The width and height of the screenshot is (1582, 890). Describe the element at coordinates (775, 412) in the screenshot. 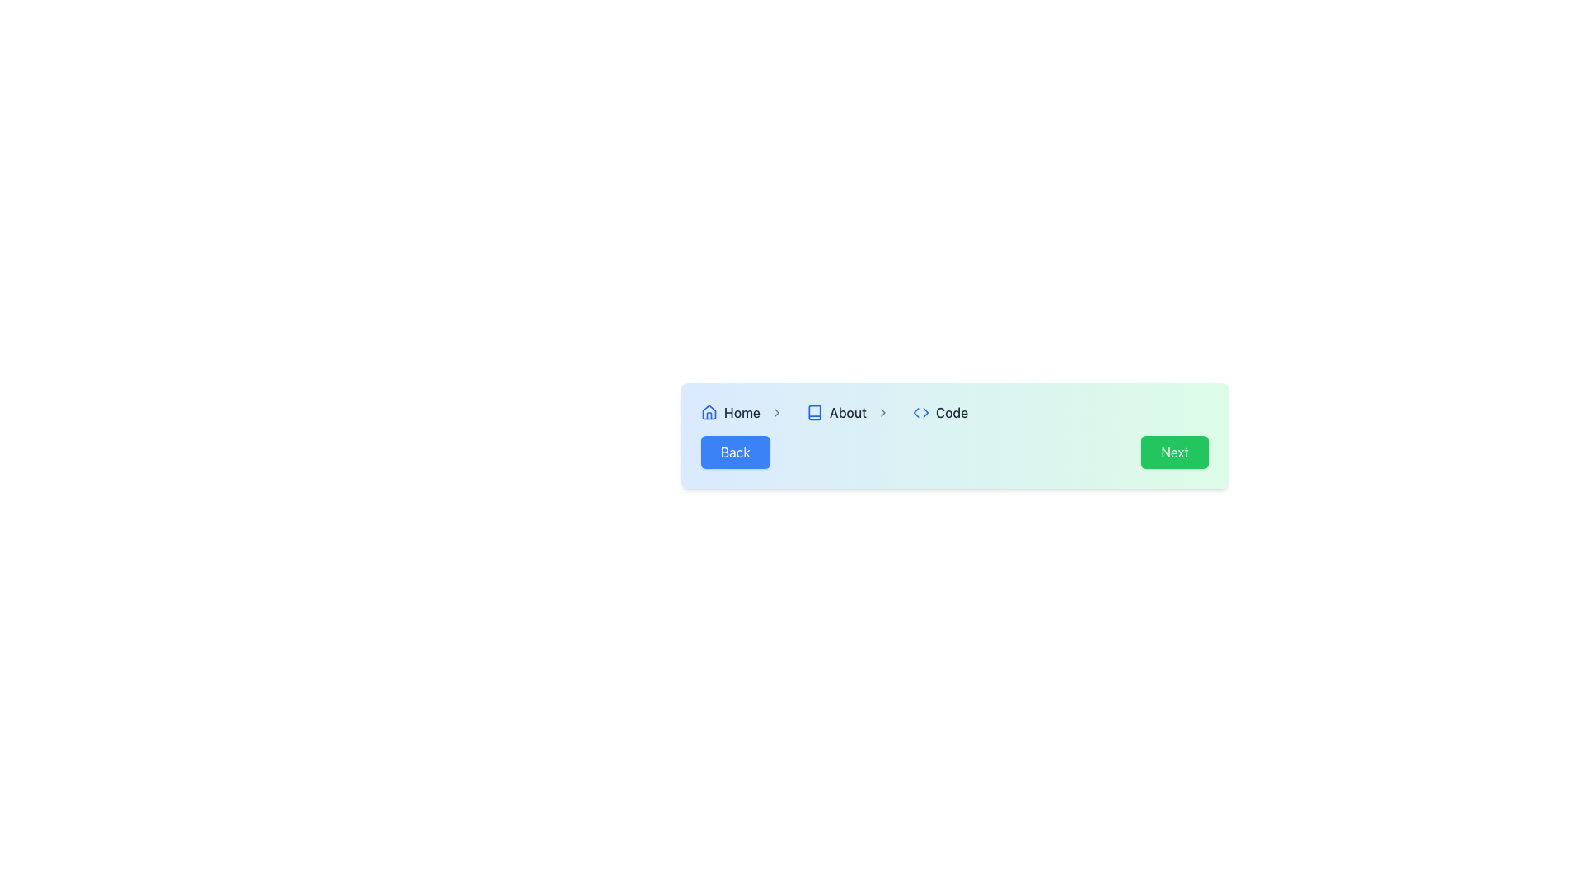

I see `the non-interactive SVG graphic that visually separates the navigation parts in the breadcrumb interface, located to the right of the 'Home' text` at that location.